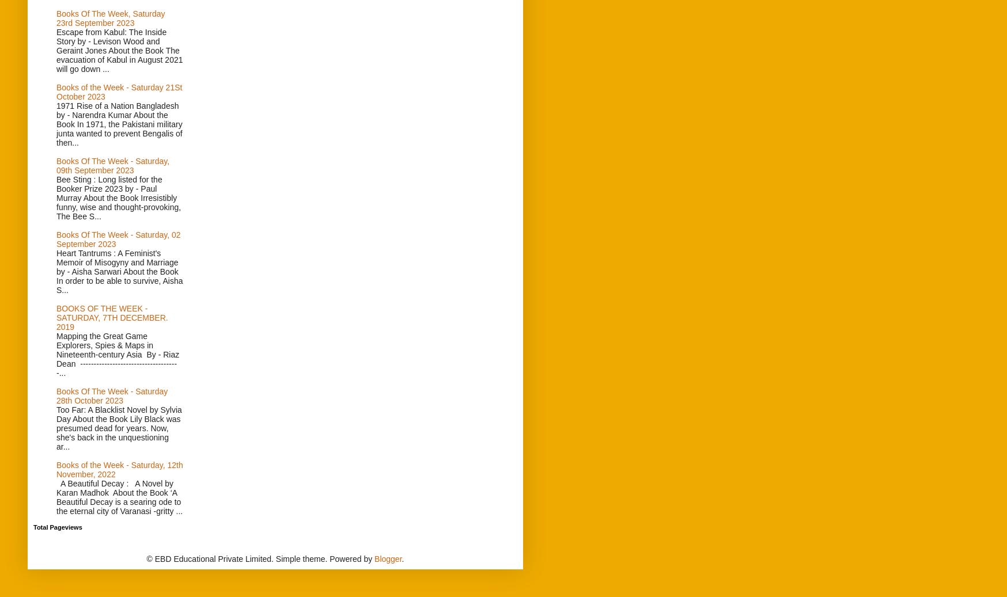 This screenshot has height=597, width=1007. Describe the element at coordinates (56, 271) in the screenshot. I see `'Heart Tantrums :  A Feminist's Memoir of Misogyny and Marriage by - Aisha Sarwari About the Book In order to be able to survive, Aisha S...'` at that location.